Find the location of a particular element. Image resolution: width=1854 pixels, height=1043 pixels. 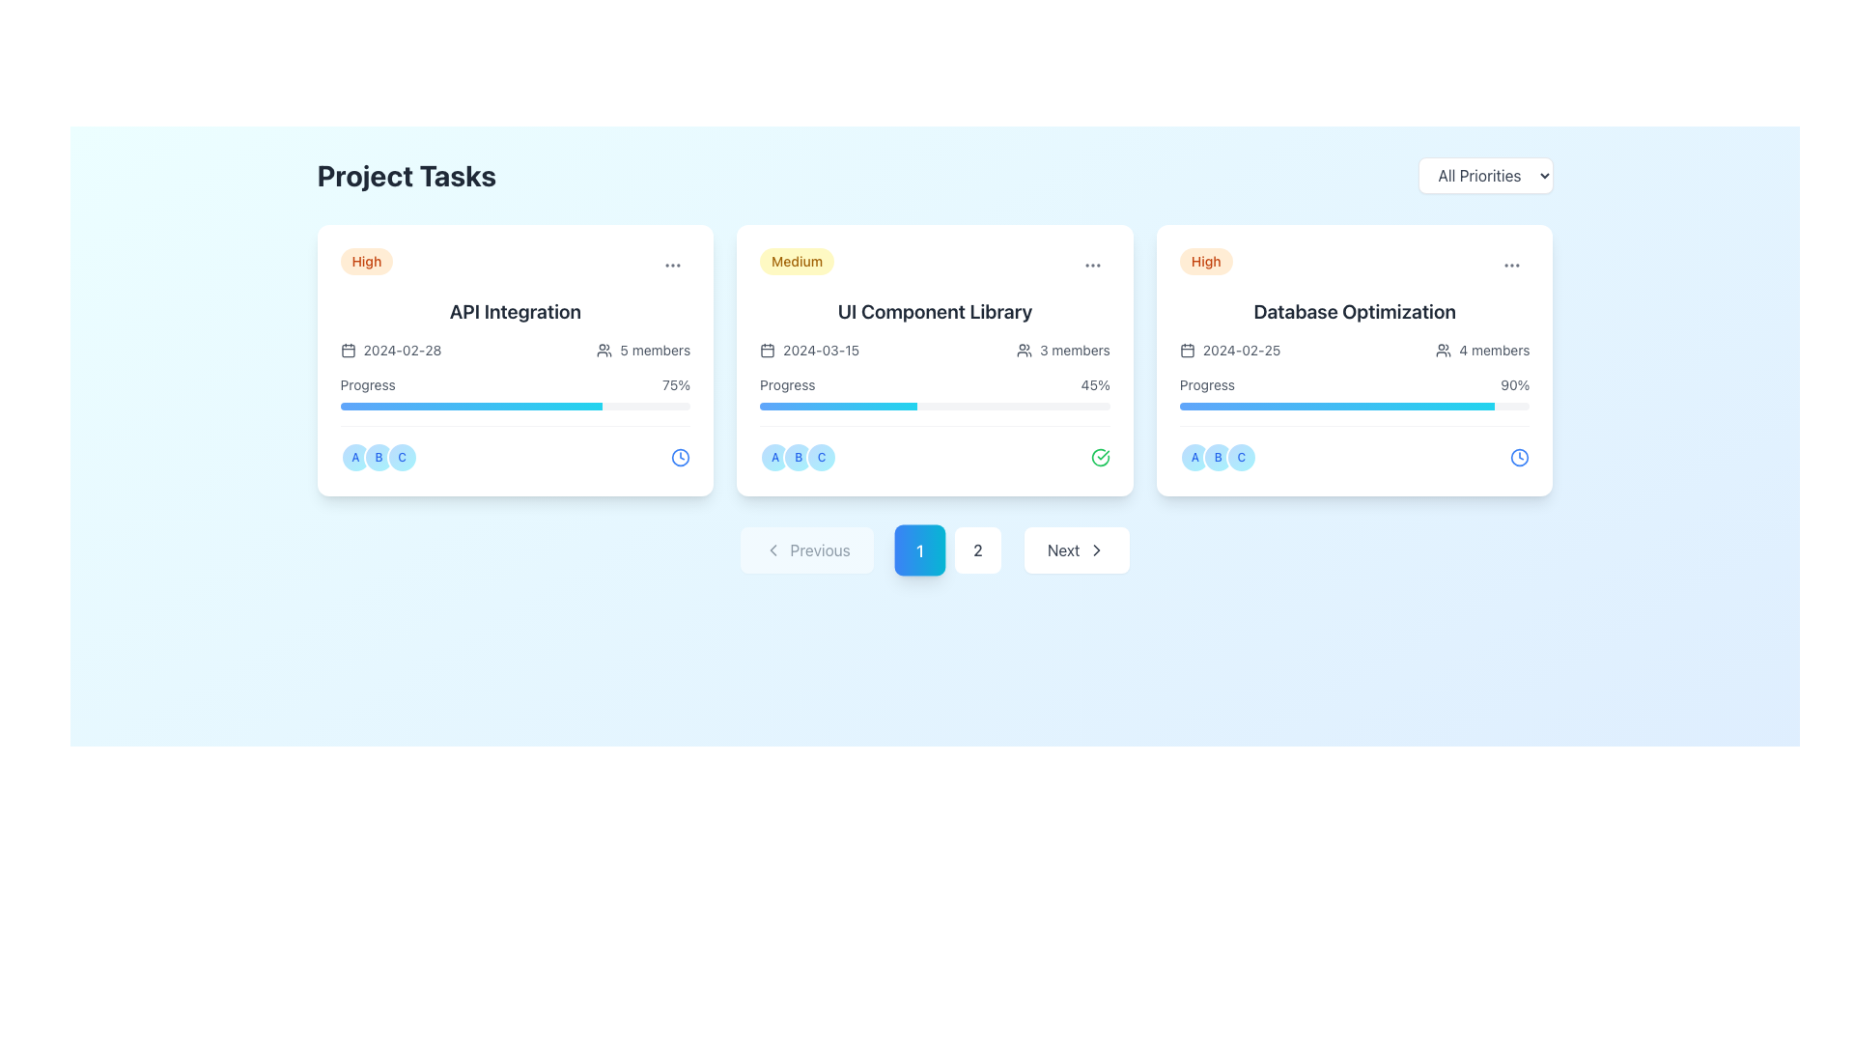

the rightward arrow icon representing the next action in the navigation bar, located next to the 'Next' button, to move to the next item or page is located at coordinates (1097, 550).